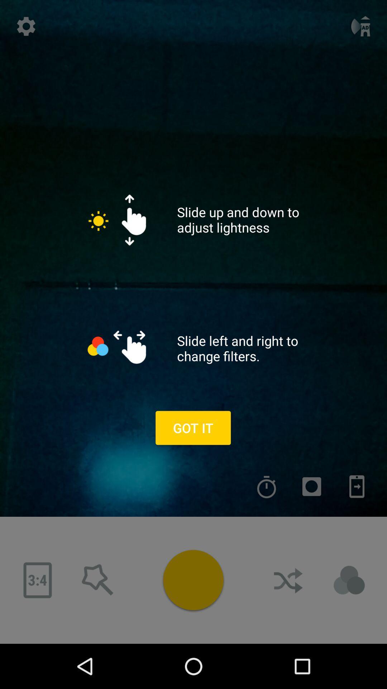 Image resolution: width=387 pixels, height=689 pixels. Describe the element at coordinates (357, 487) in the screenshot. I see `charge page` at that location.